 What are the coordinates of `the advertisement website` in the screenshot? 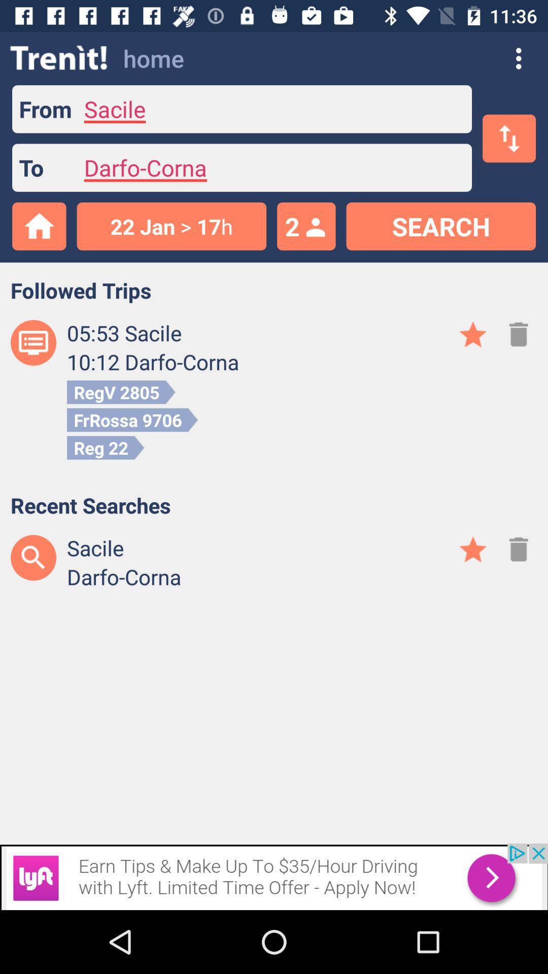 It's located at (274, 876).